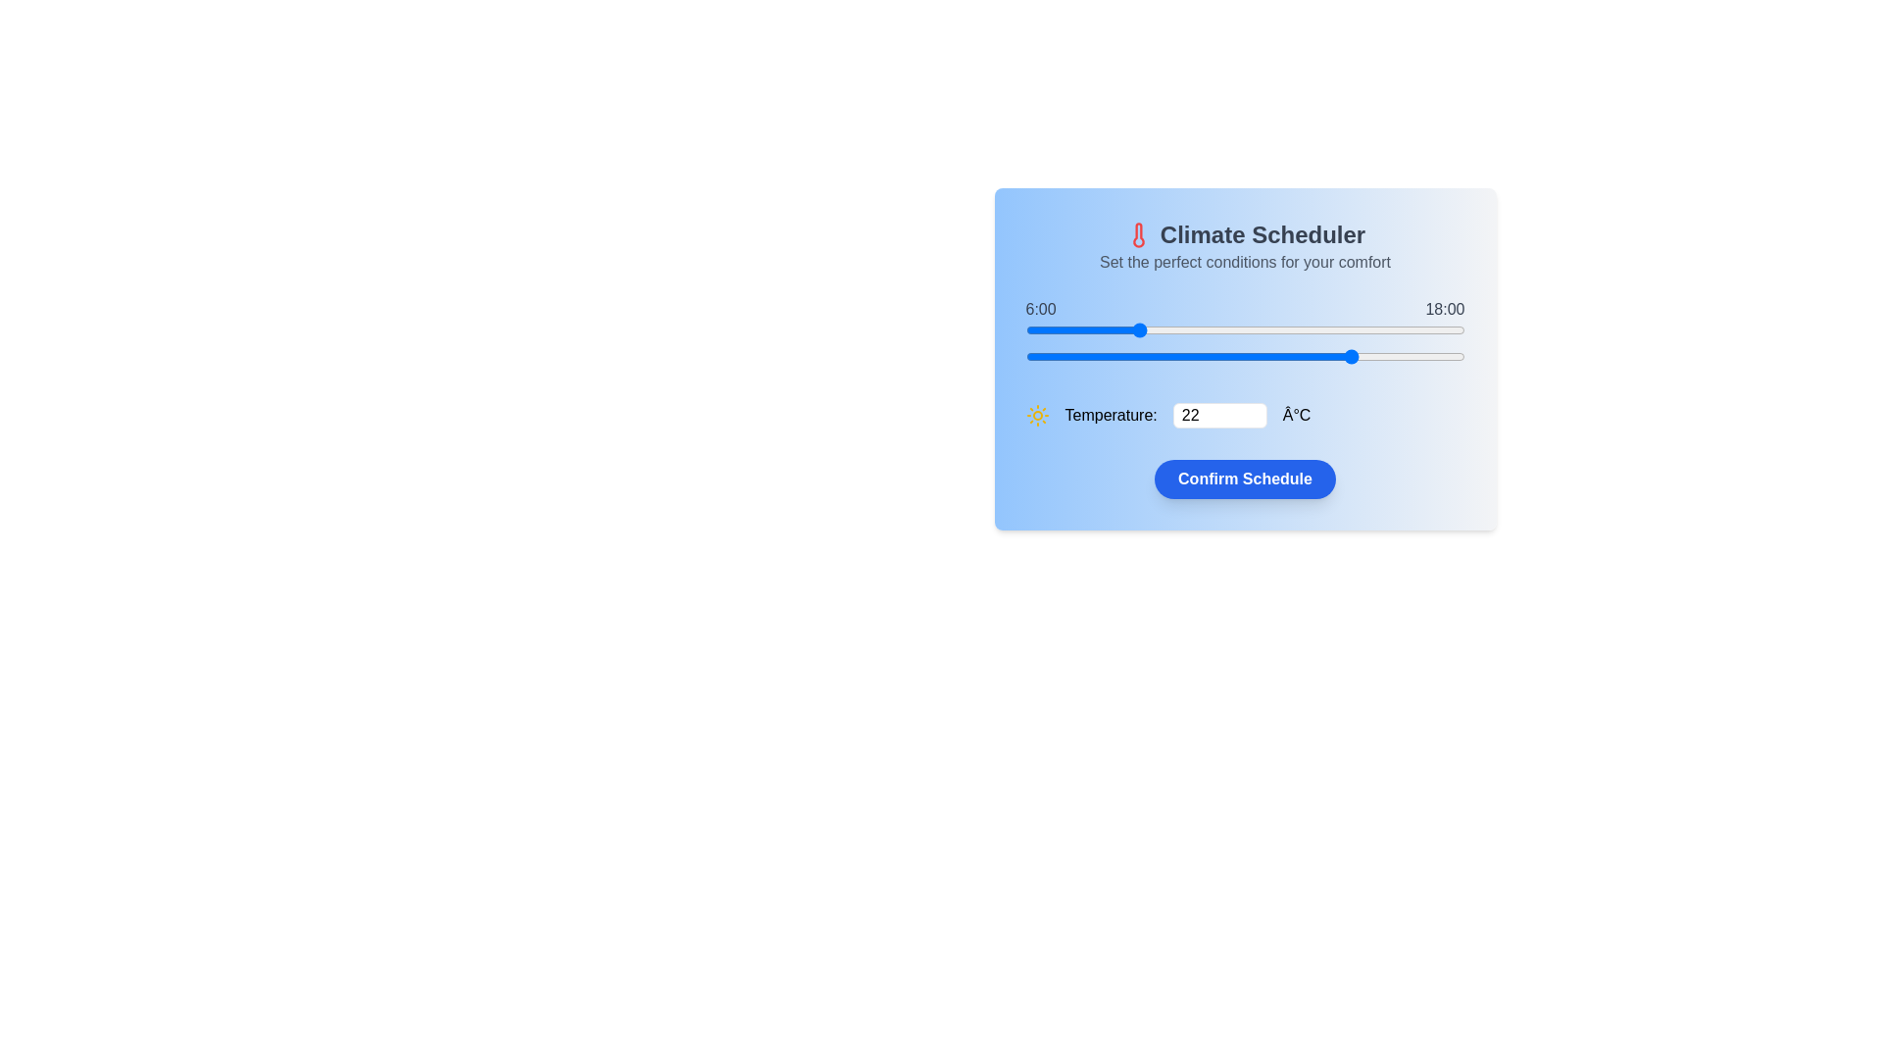  Describe the element at coordinates (1244, 328) in the screenshot. I see `the thumb of the topmost Range slider, located between the labels '6:00' and '18:00'` at that location.